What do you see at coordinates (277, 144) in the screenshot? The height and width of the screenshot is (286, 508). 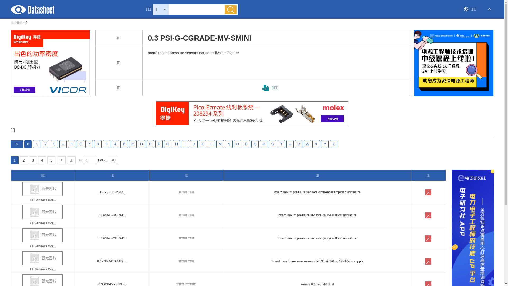 I see `'T'` at bounding box center [277, 144].